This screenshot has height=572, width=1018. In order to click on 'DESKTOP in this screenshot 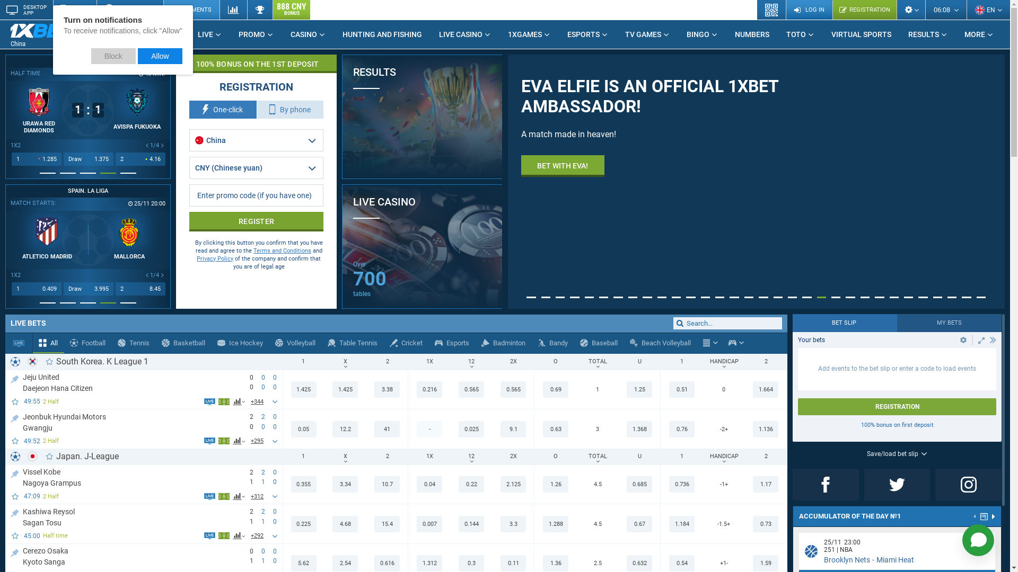, I will do `click(26, 10)`.